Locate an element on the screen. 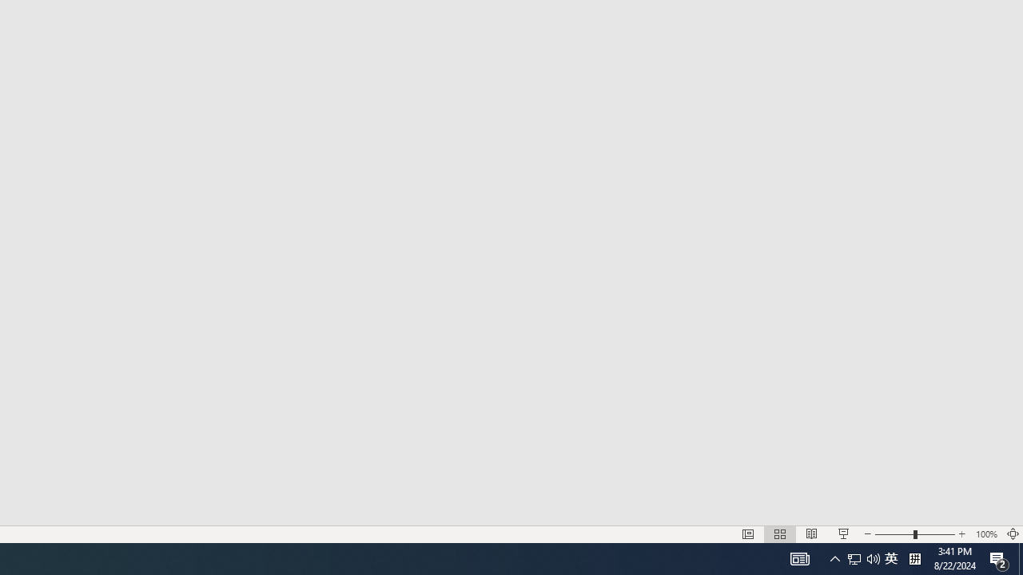 The width and height of the screenshot is (1023, 575). 'Slide Sorter' is located at coordinates (780, 534).